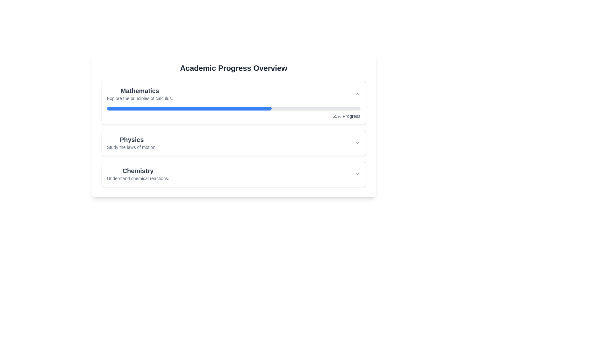 The image size is (610, 343). What do you see at coordinates (357, 174) in the screenshot?
I see `the chevron icon at the rightmost position in the 'Chemistry' section` at bounding box center [357, 174].